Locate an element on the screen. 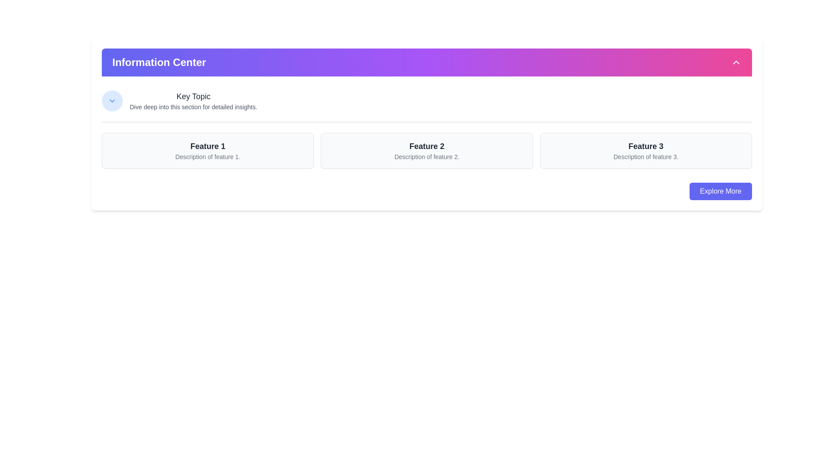 Image resolution: width=839 pixels, height=472 pixels. the static text that says 'Dive deep into this section for detailed insights.' located directly below the heading 'Key Topic' is located at coordinates (193, 107).